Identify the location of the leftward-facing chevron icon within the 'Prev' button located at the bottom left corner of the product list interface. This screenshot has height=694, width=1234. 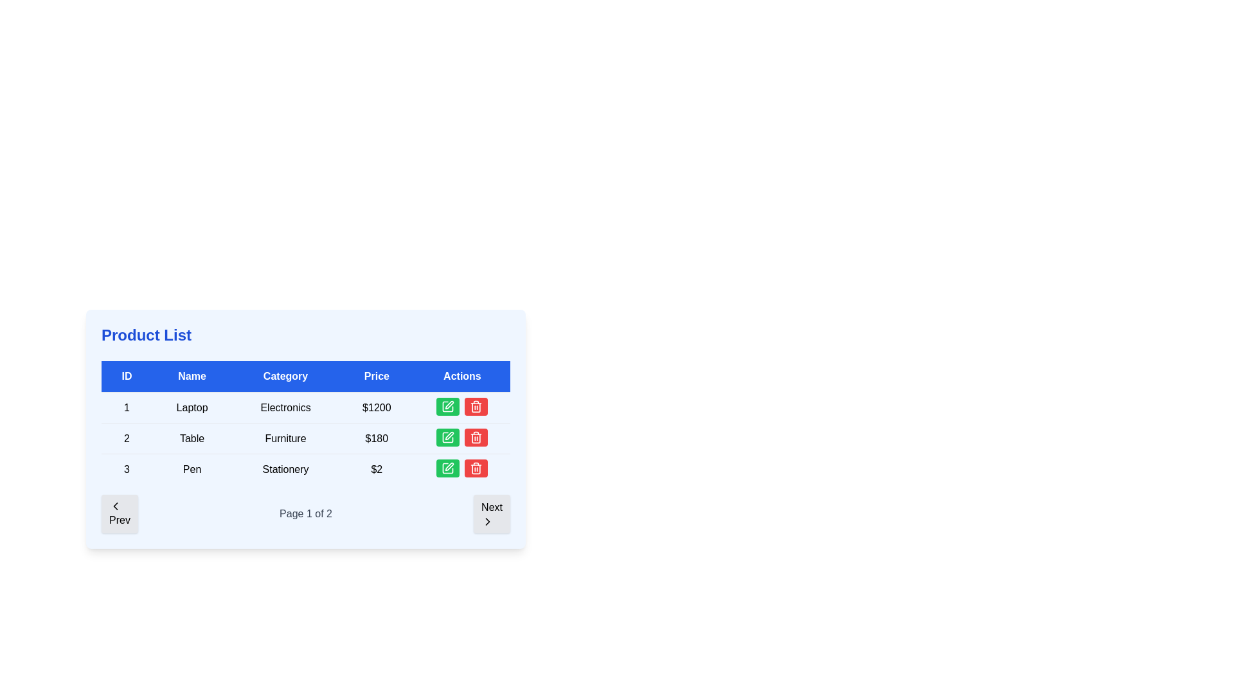
(116, 505).